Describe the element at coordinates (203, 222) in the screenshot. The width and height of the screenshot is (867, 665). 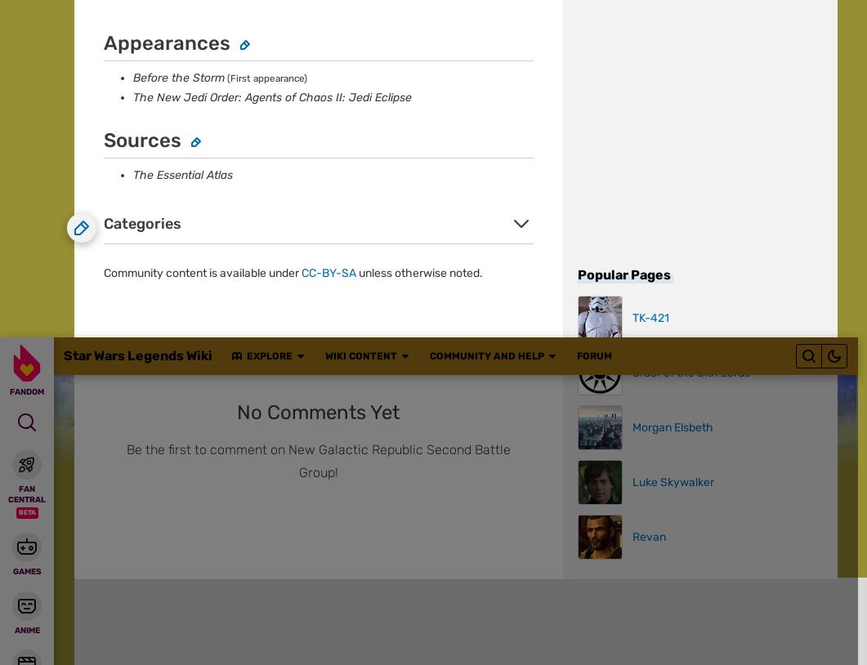
I see `'Battle of the Circarpous system (Galactic Civil War)'` at that location.